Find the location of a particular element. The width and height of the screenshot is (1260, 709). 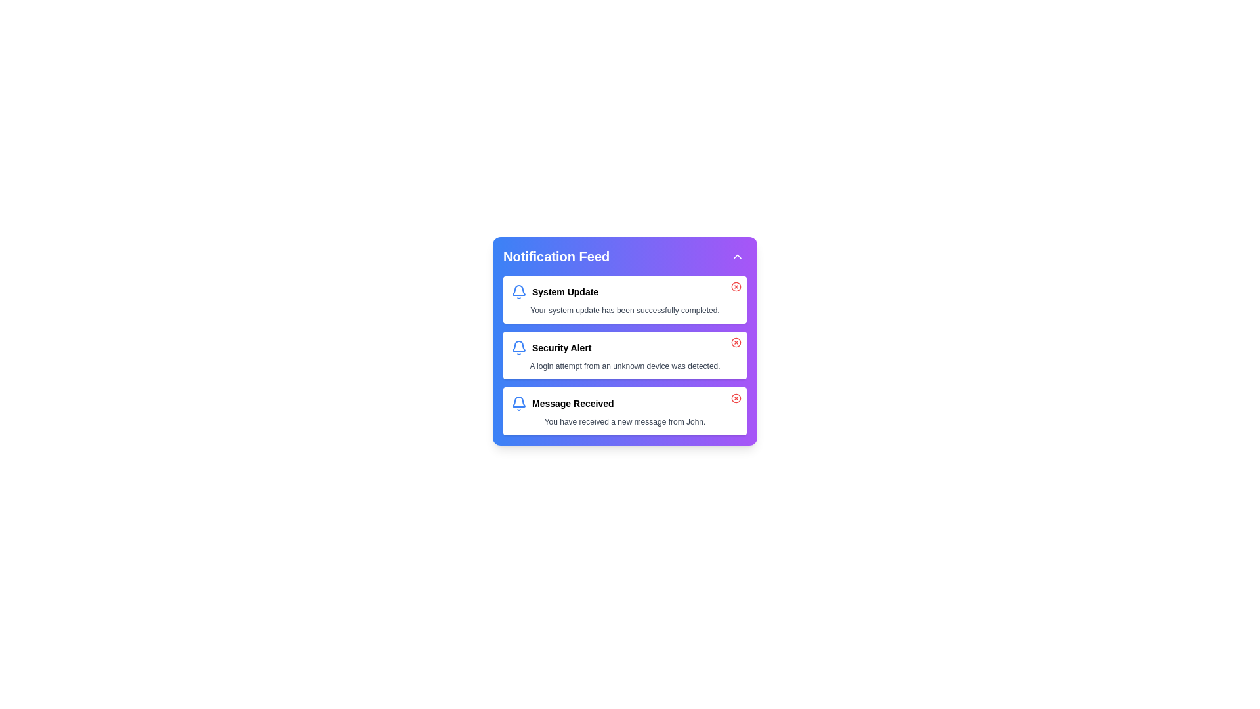

the 'System Update' text label with a blue bell icon is located at coordinates (624, 291).